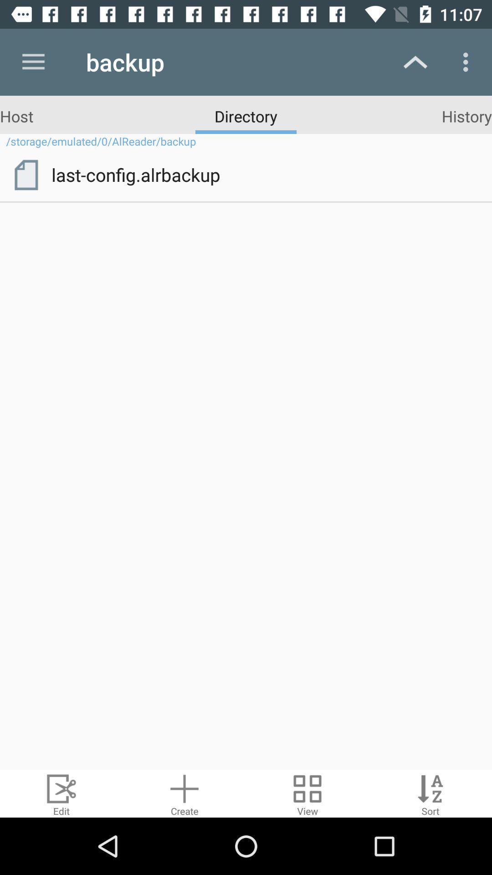 The image size is (492, 875). I want to click on the item above storage emulated 0, so click(16, 115).